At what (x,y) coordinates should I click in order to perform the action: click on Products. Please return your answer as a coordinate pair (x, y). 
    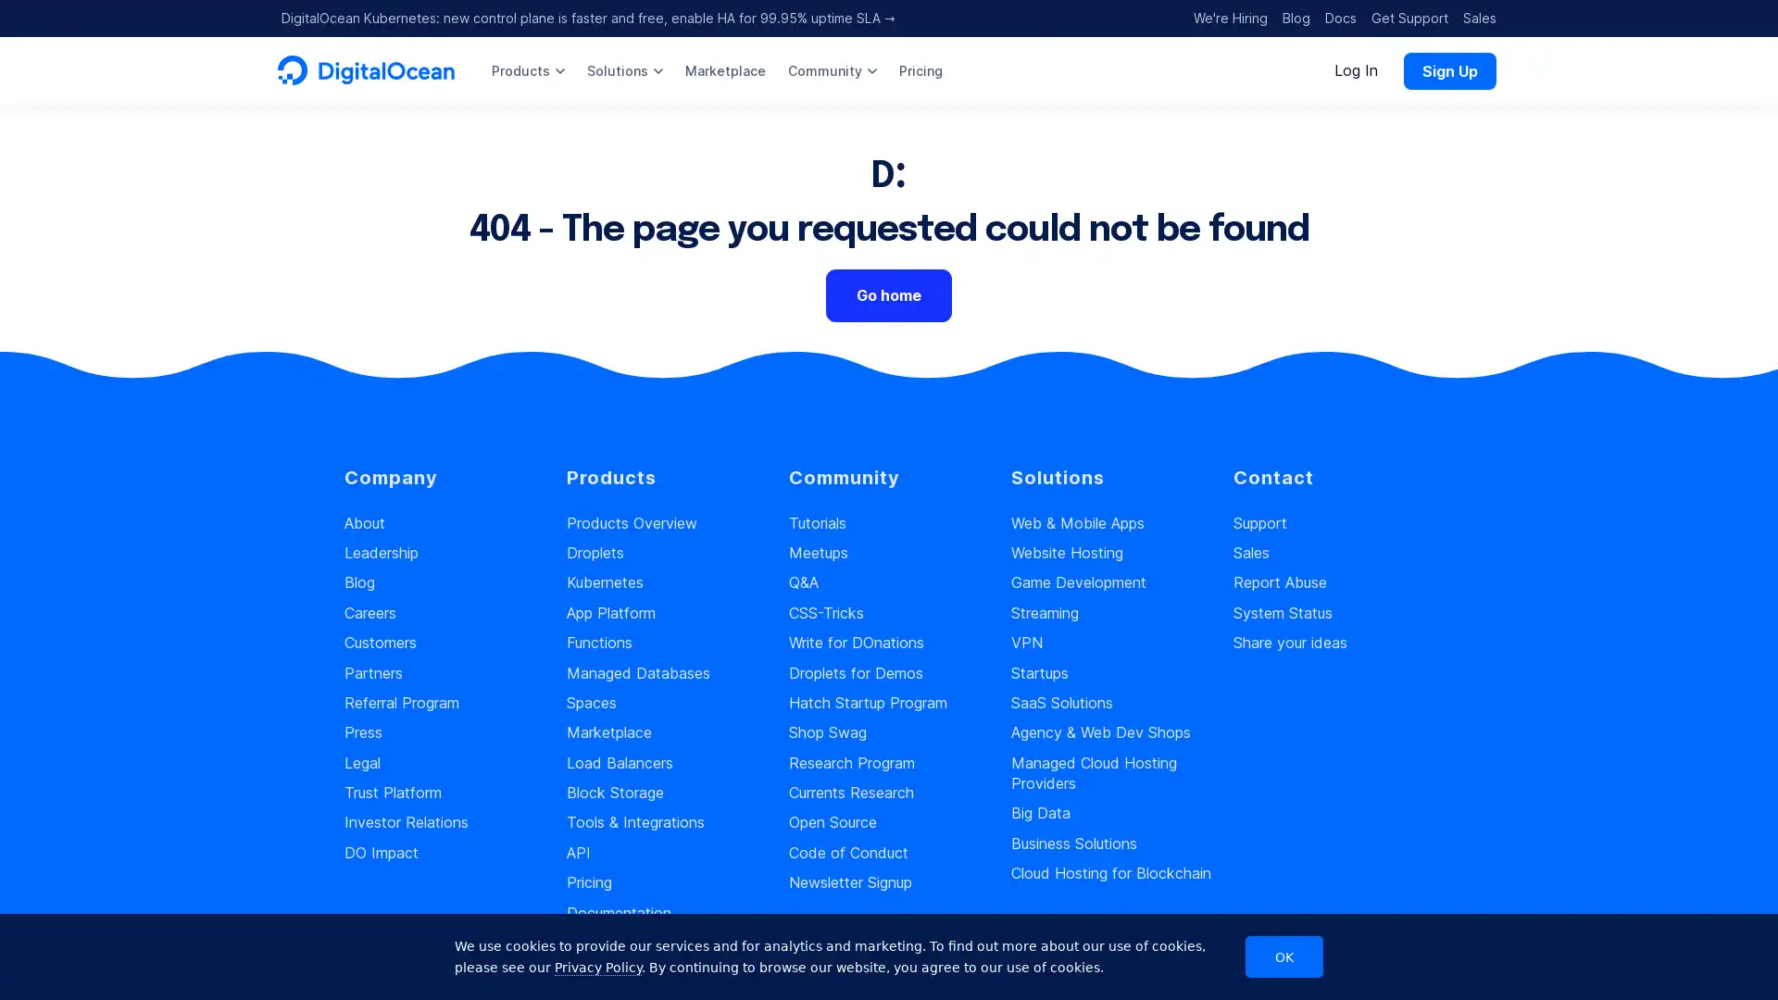
    Looking at the image, I should click on (527, 69).